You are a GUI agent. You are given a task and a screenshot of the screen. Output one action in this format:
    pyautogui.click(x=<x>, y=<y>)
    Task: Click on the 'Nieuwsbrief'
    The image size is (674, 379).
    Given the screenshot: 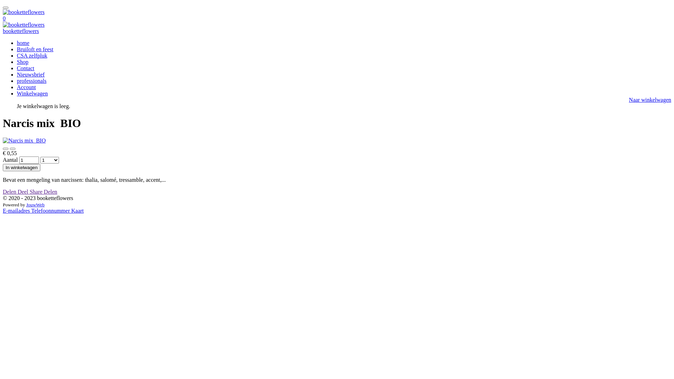 What is the action you would take?
    pyautogui.click(x=17, y=74)
    